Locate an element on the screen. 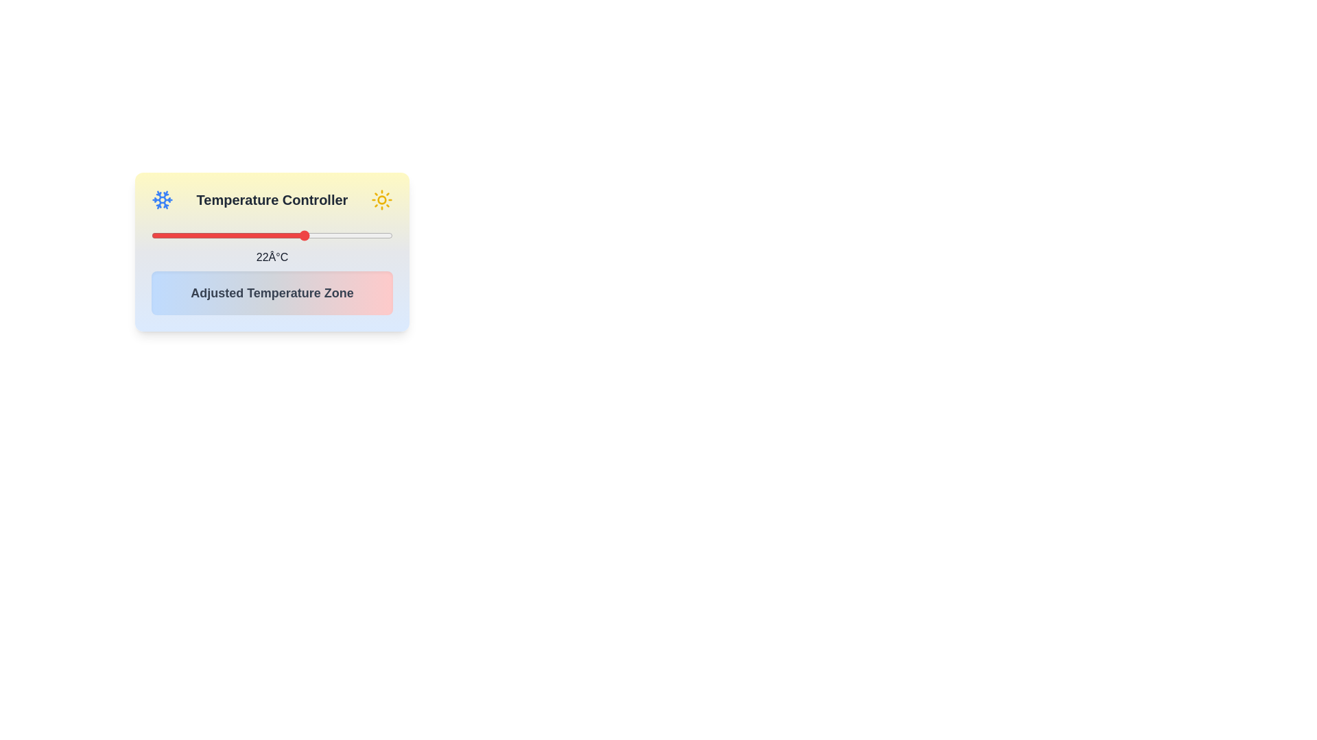 Image resolution: width=1317 pixels, height=740 pixels. the inner circle of the sun icon in the temperature controller interface is located at coordinates (381, 200).